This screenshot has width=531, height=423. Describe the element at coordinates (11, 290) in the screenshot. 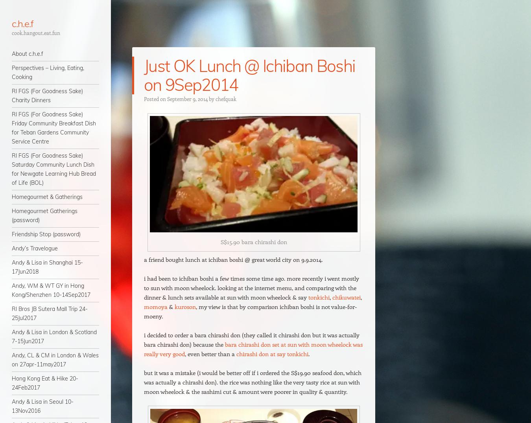

I see `'Andy, WM & WT GY in Hong Kong/Shenzhen 10-14Sep2017'` at that location.